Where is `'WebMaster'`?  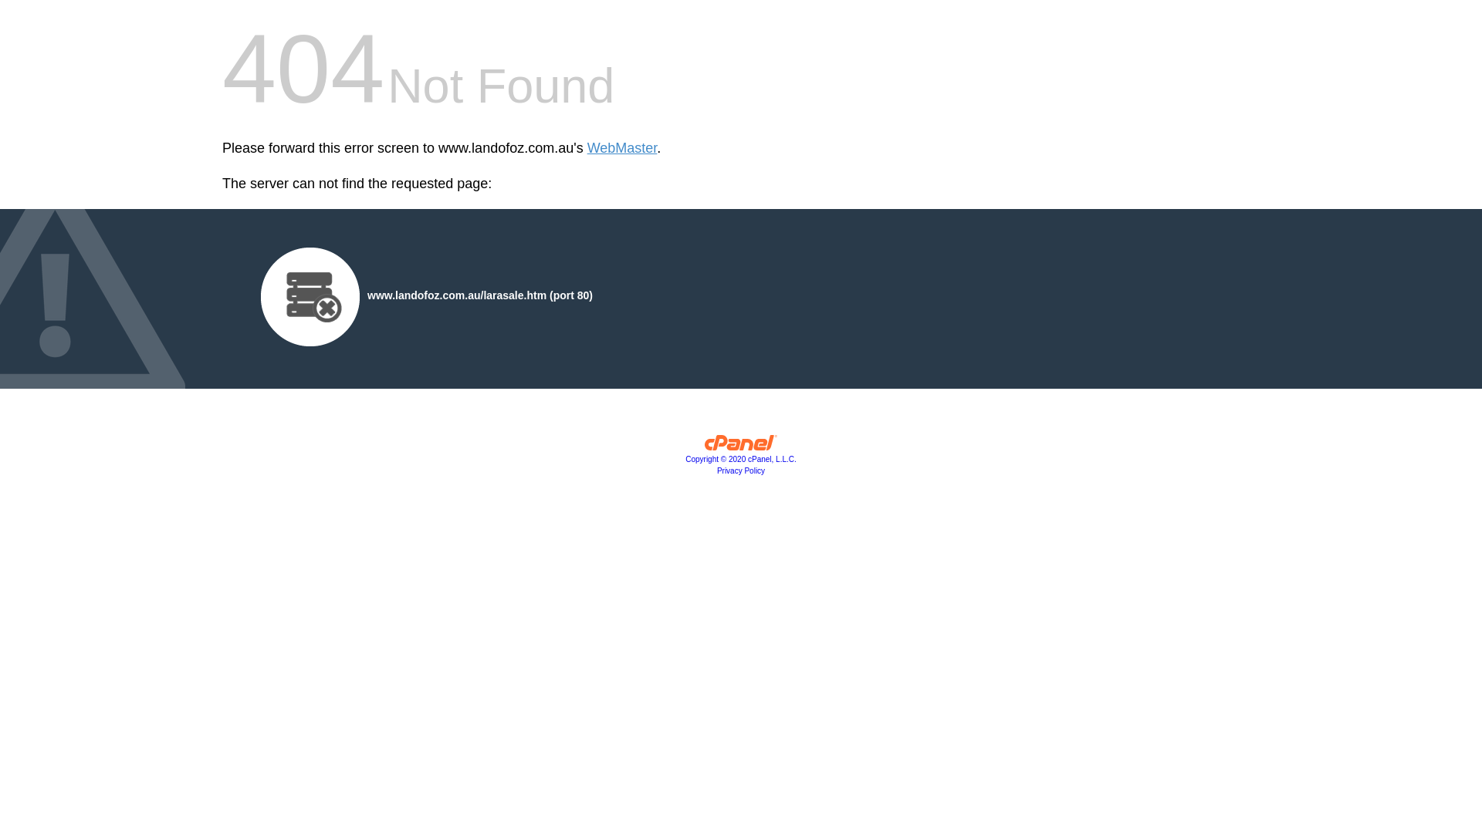 'WebMaster' is located at coordinates (622, 148).